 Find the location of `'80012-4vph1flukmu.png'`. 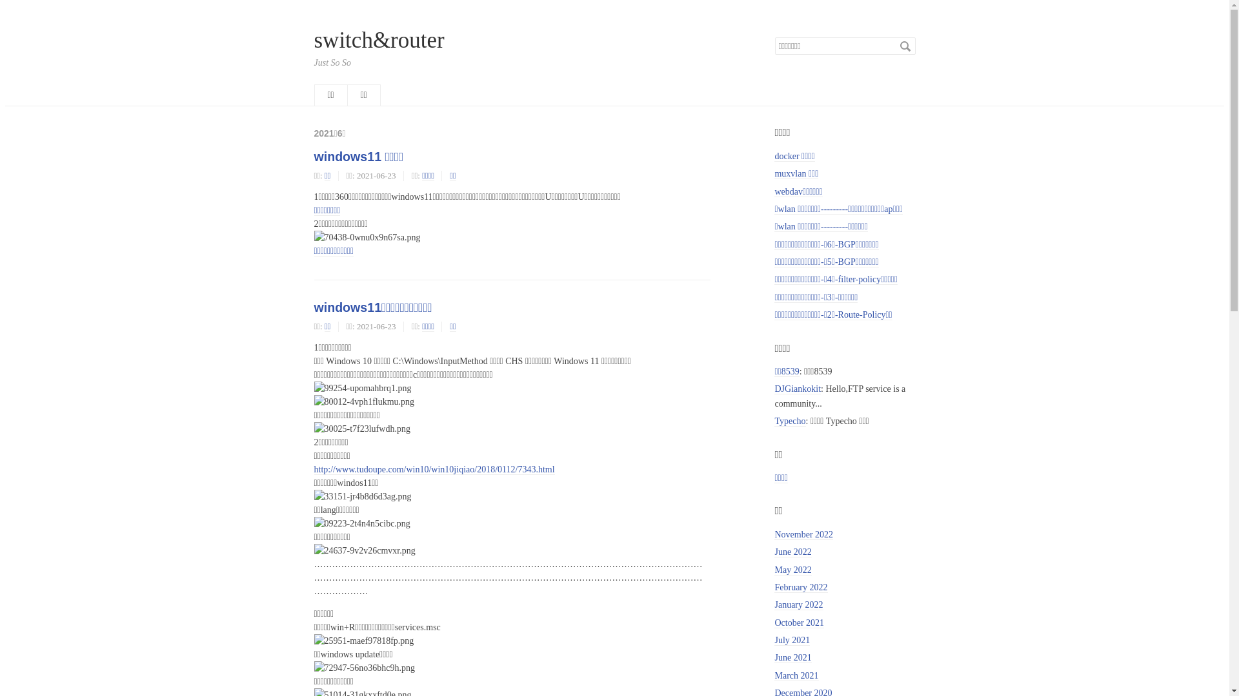

'80012-4vph1flukmu.png' is located at coordinates (363, 401).